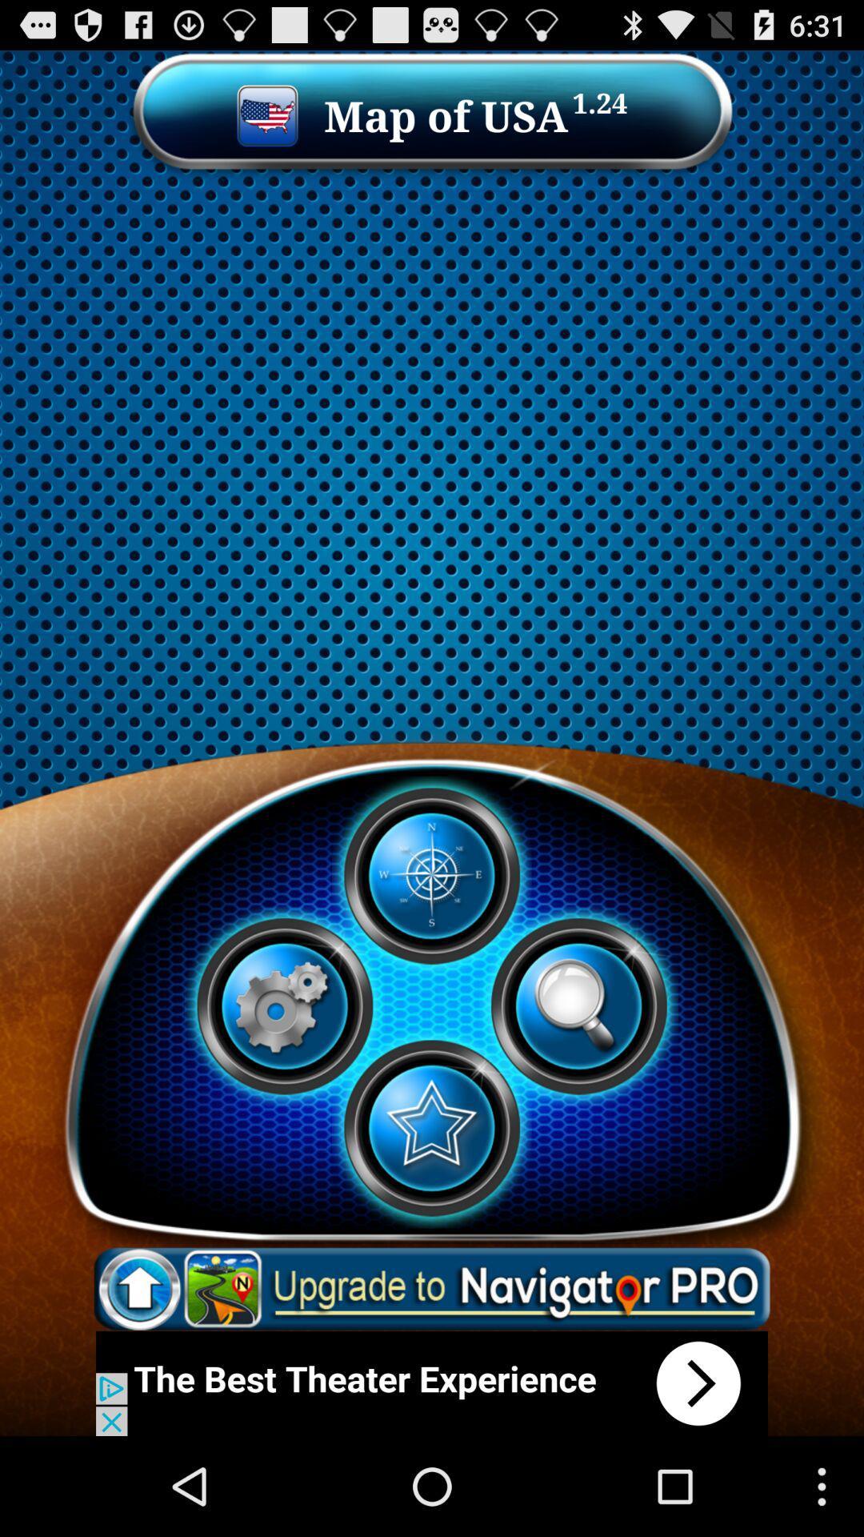  Describe the element at coordinates (578, 1005) in the screenshot. I see `search option` at that location.